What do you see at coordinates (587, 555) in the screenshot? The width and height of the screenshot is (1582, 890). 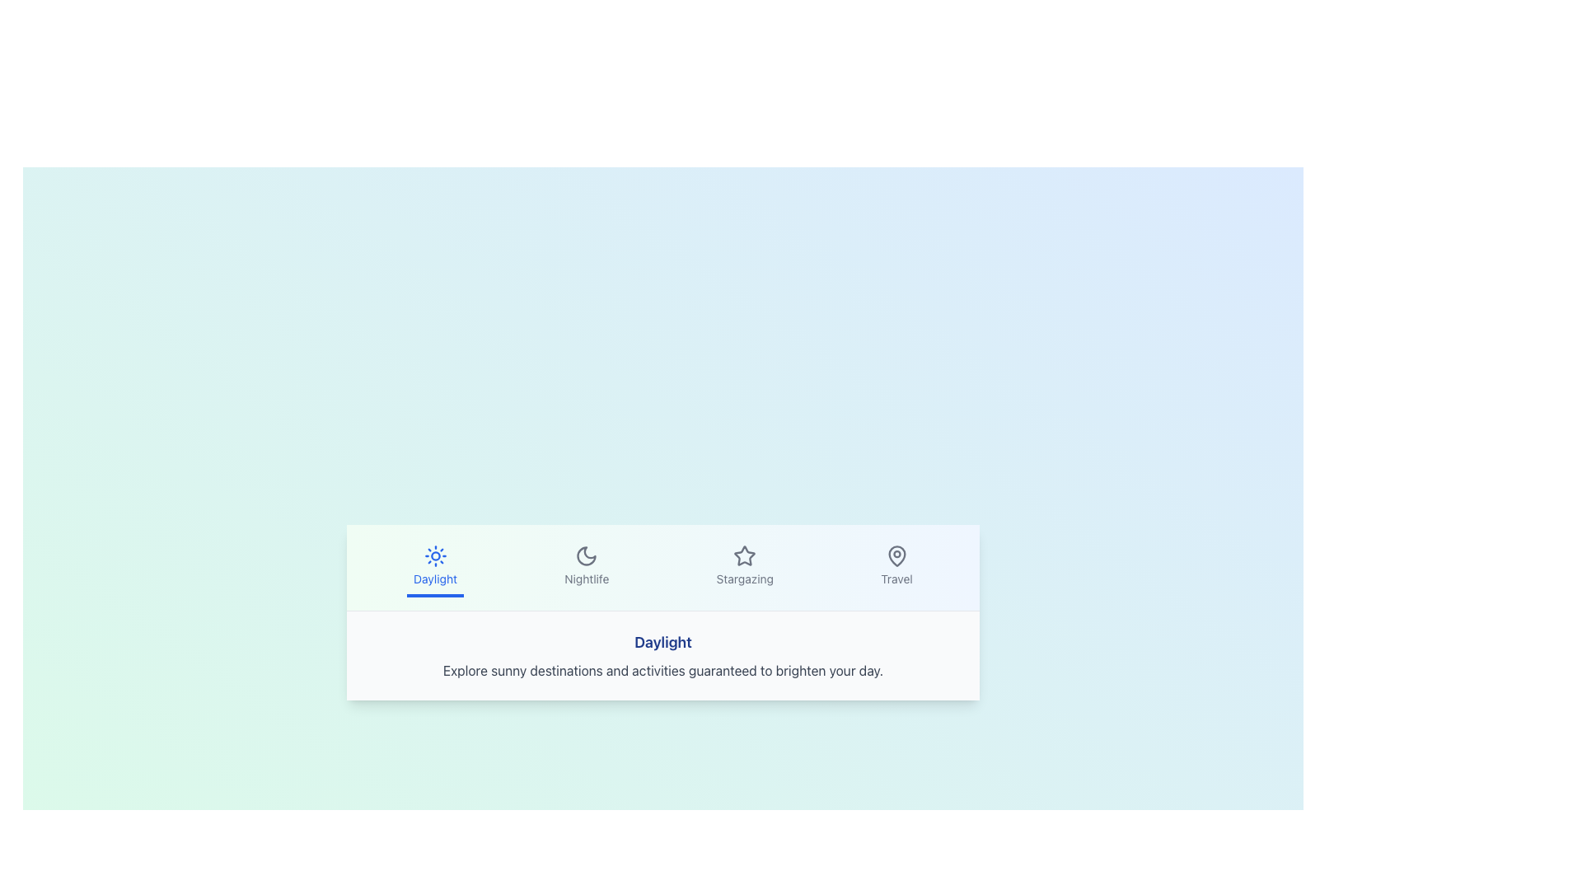 I see `the 'Nightlife' SVG icon located in the second position of the navigation menu at the bottom center of the interface` at bounding box center [587, 555].